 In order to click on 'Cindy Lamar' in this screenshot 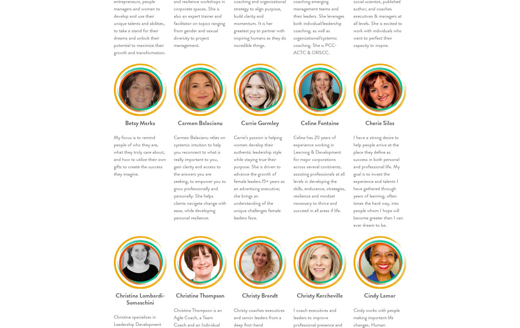, I will do `click(364, 295)`.